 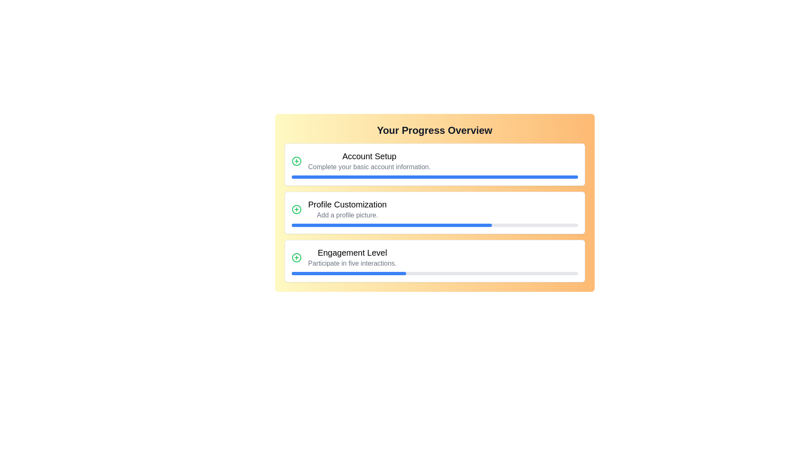 I want to click on the static informational text element displaying 'Account Setup' and its subtitle 'Complete your basic account information.', so click(x=369, y=161).